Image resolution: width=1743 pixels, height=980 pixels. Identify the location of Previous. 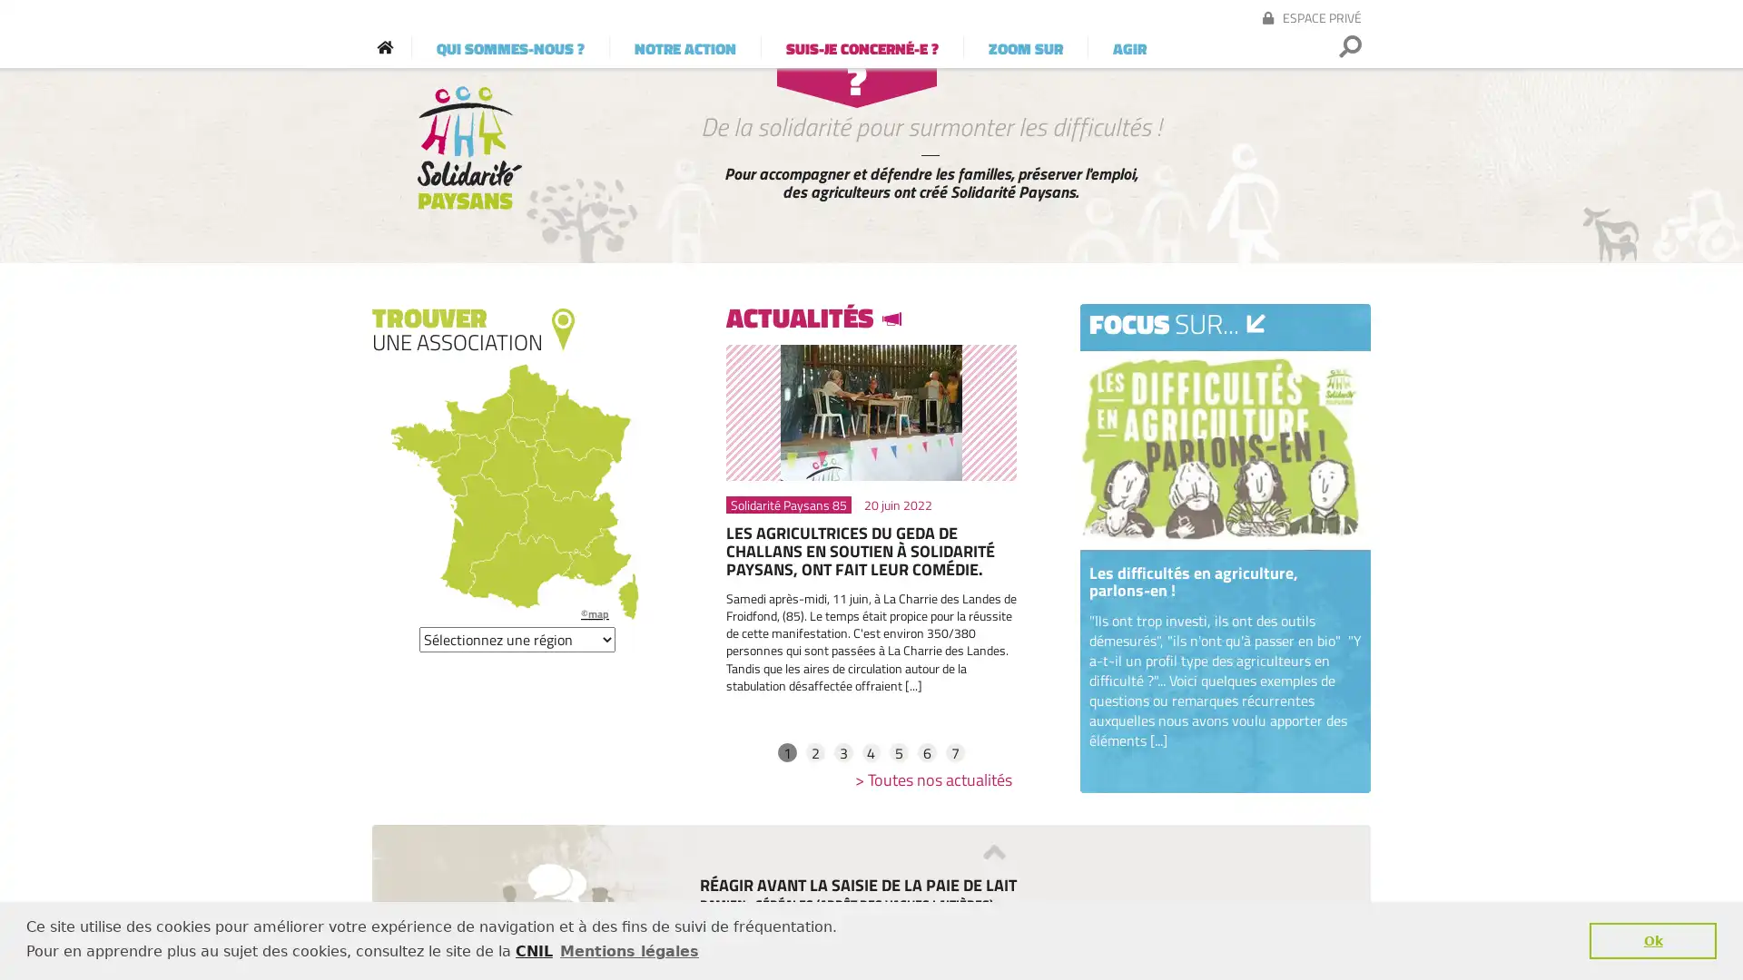
(992, 851).